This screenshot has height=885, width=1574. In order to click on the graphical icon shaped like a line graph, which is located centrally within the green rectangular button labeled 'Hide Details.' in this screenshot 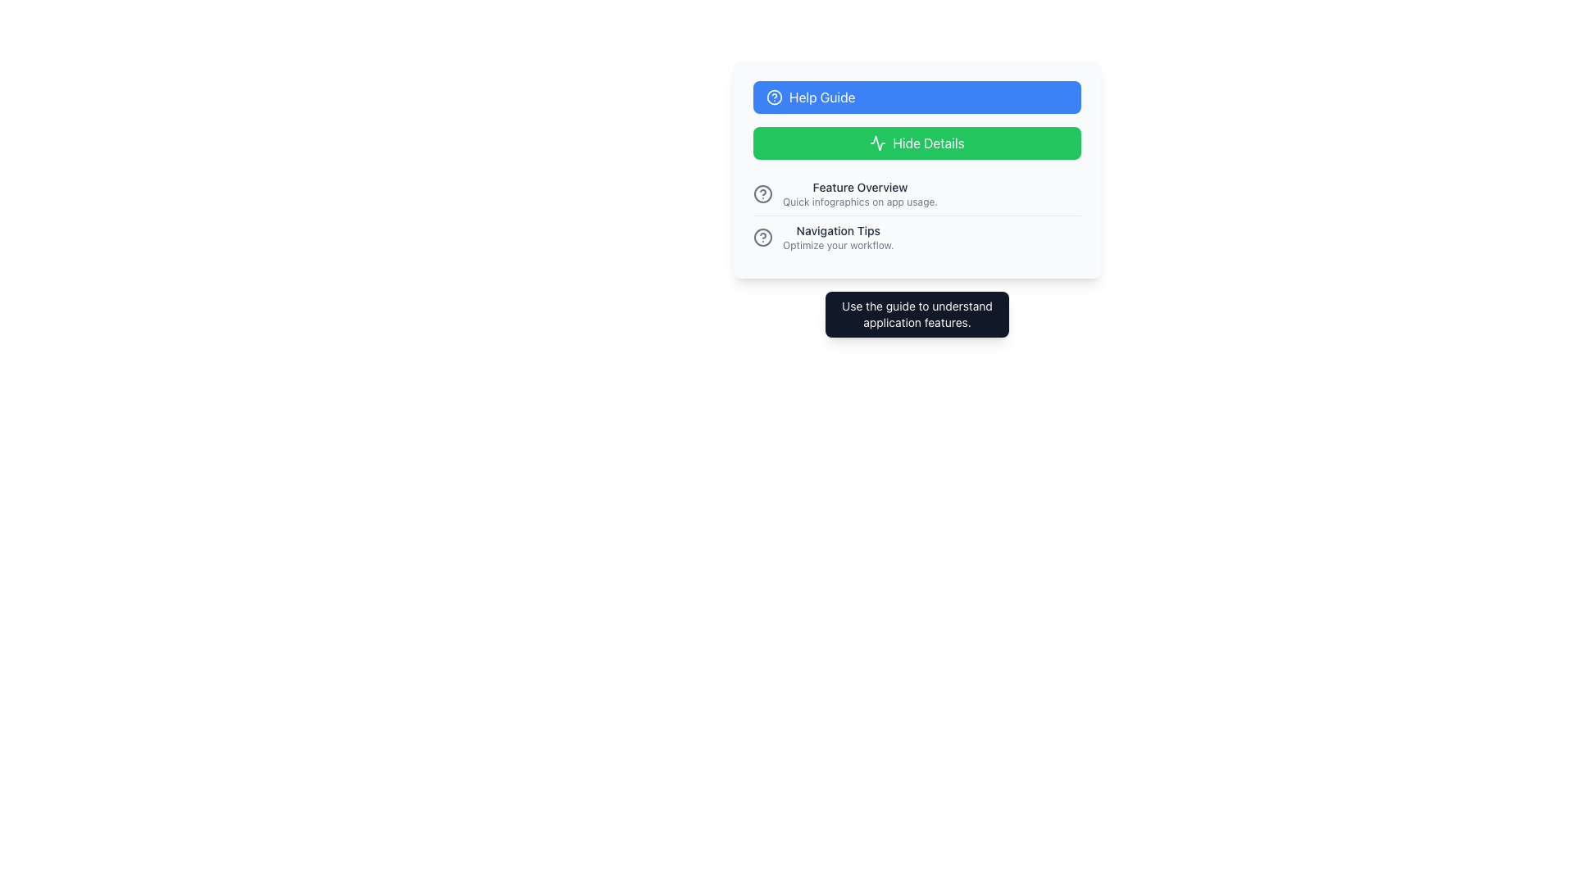, I will do `click(877, 142)`.